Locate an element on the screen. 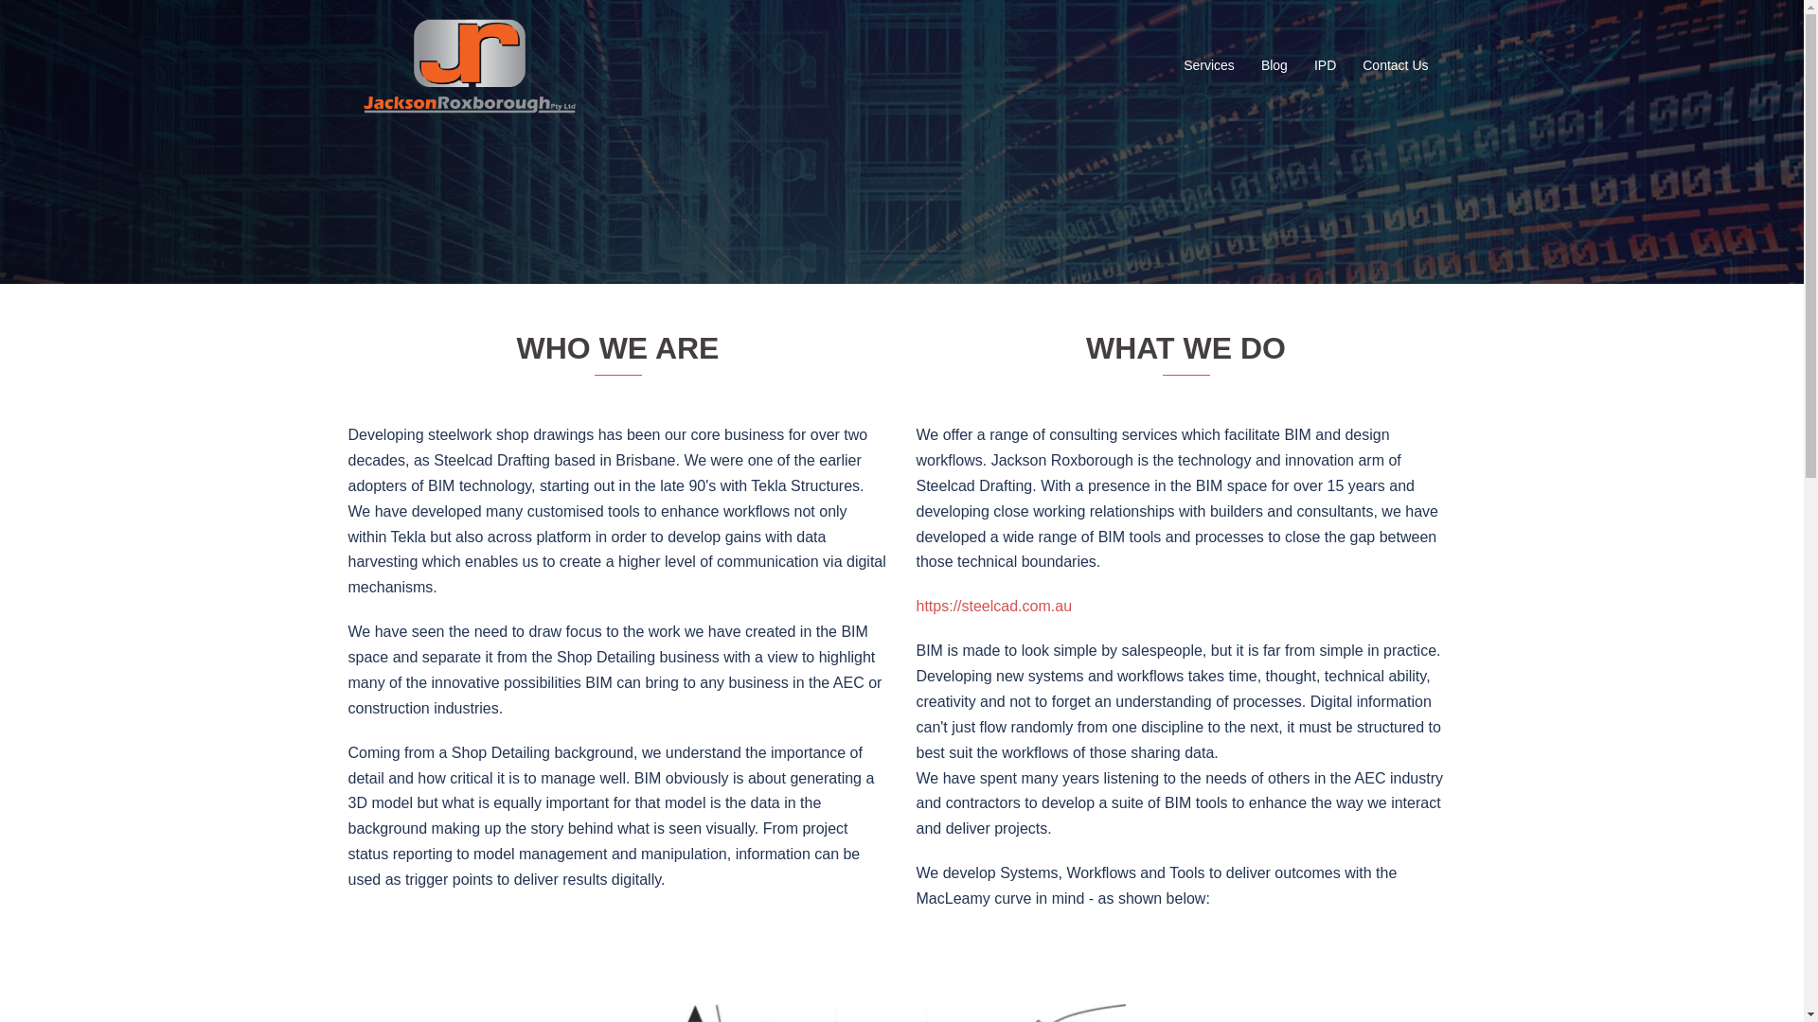  'Jackson Roxborough' is located at coordinates (362, 63).